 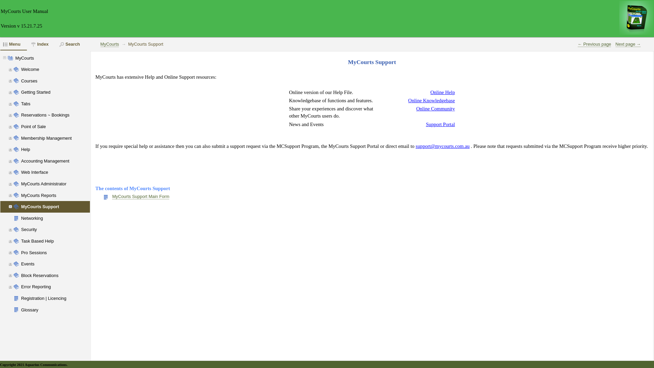 What do you see at coordinates (64, 241) in the screenshot?
I see `'Task Based Help'` at bounding box center [64, 241].